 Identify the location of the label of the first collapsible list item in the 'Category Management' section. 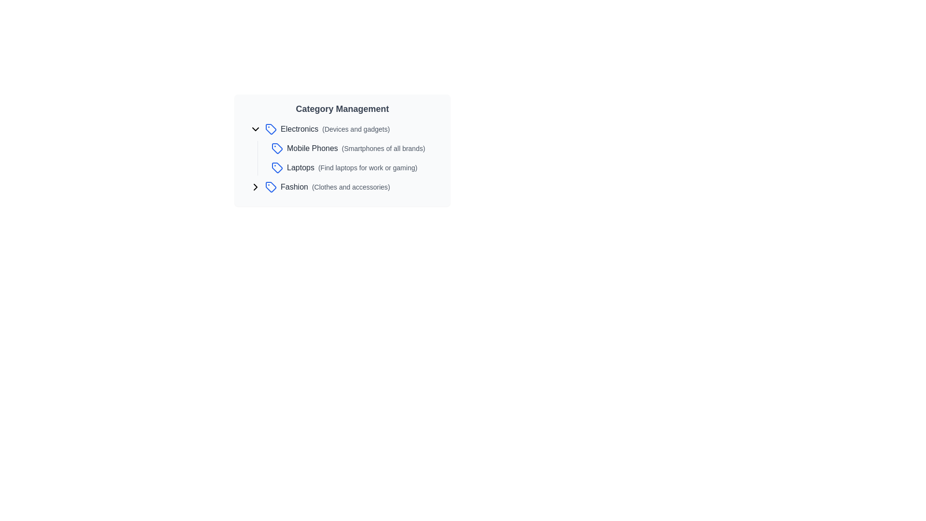
(346, 128).